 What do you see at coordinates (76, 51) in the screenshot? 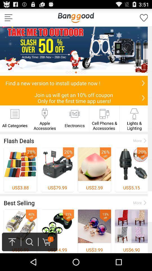
I see `sales page` at bounding box center [76, 51].